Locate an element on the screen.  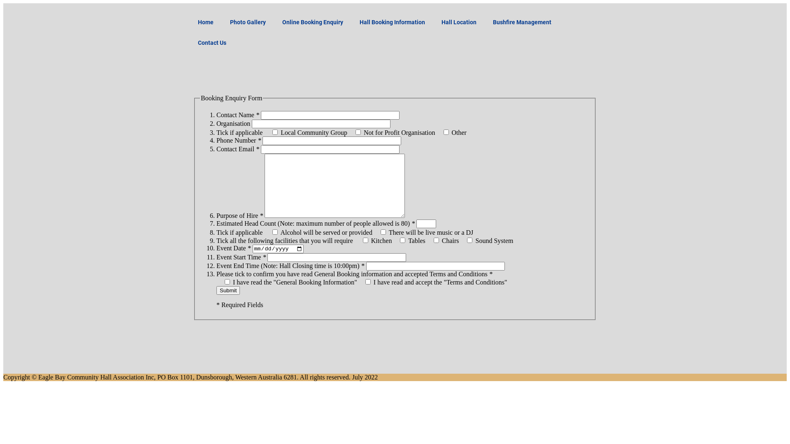
'Bushfire Management' is located at coordinates (521, 22).